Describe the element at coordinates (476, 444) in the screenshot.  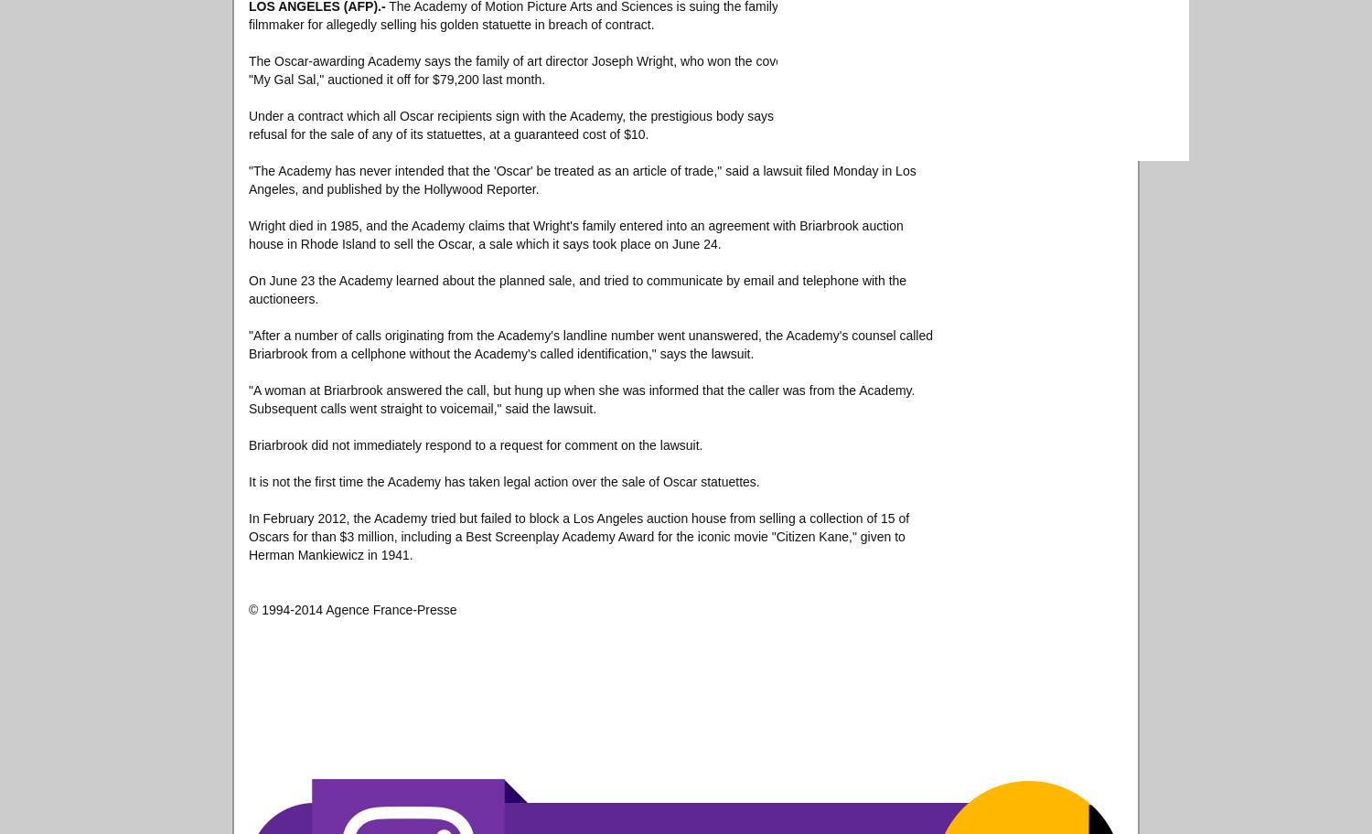
I see `'Briarbrook did not immediately respond to a request for comment on the lawsuit.'` at that location.